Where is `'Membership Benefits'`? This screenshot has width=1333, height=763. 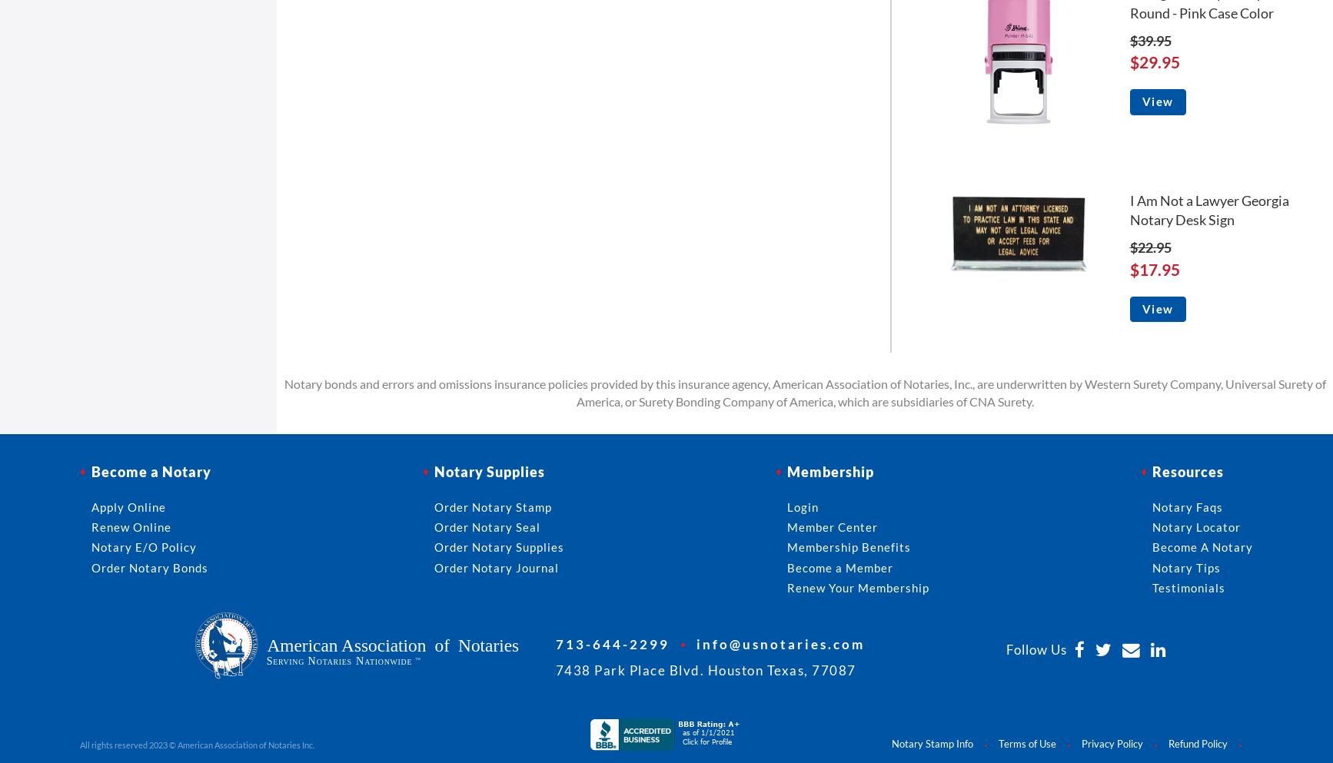
'Membership Benefits' is located at coordinates (849, 546).